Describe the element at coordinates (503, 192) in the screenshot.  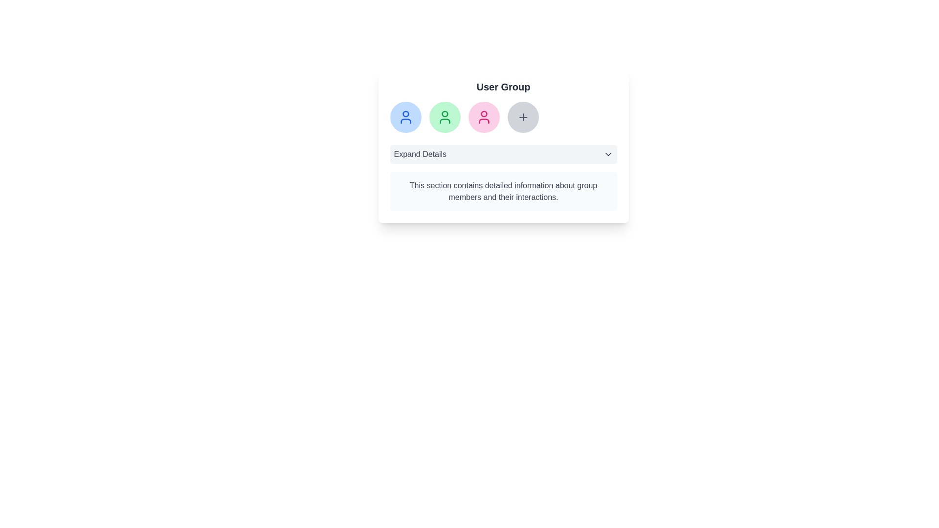
I see `informational text block that describes the 'User Group' above, which is centrally positioned below the 'Expand Details' dropdown` at that location.